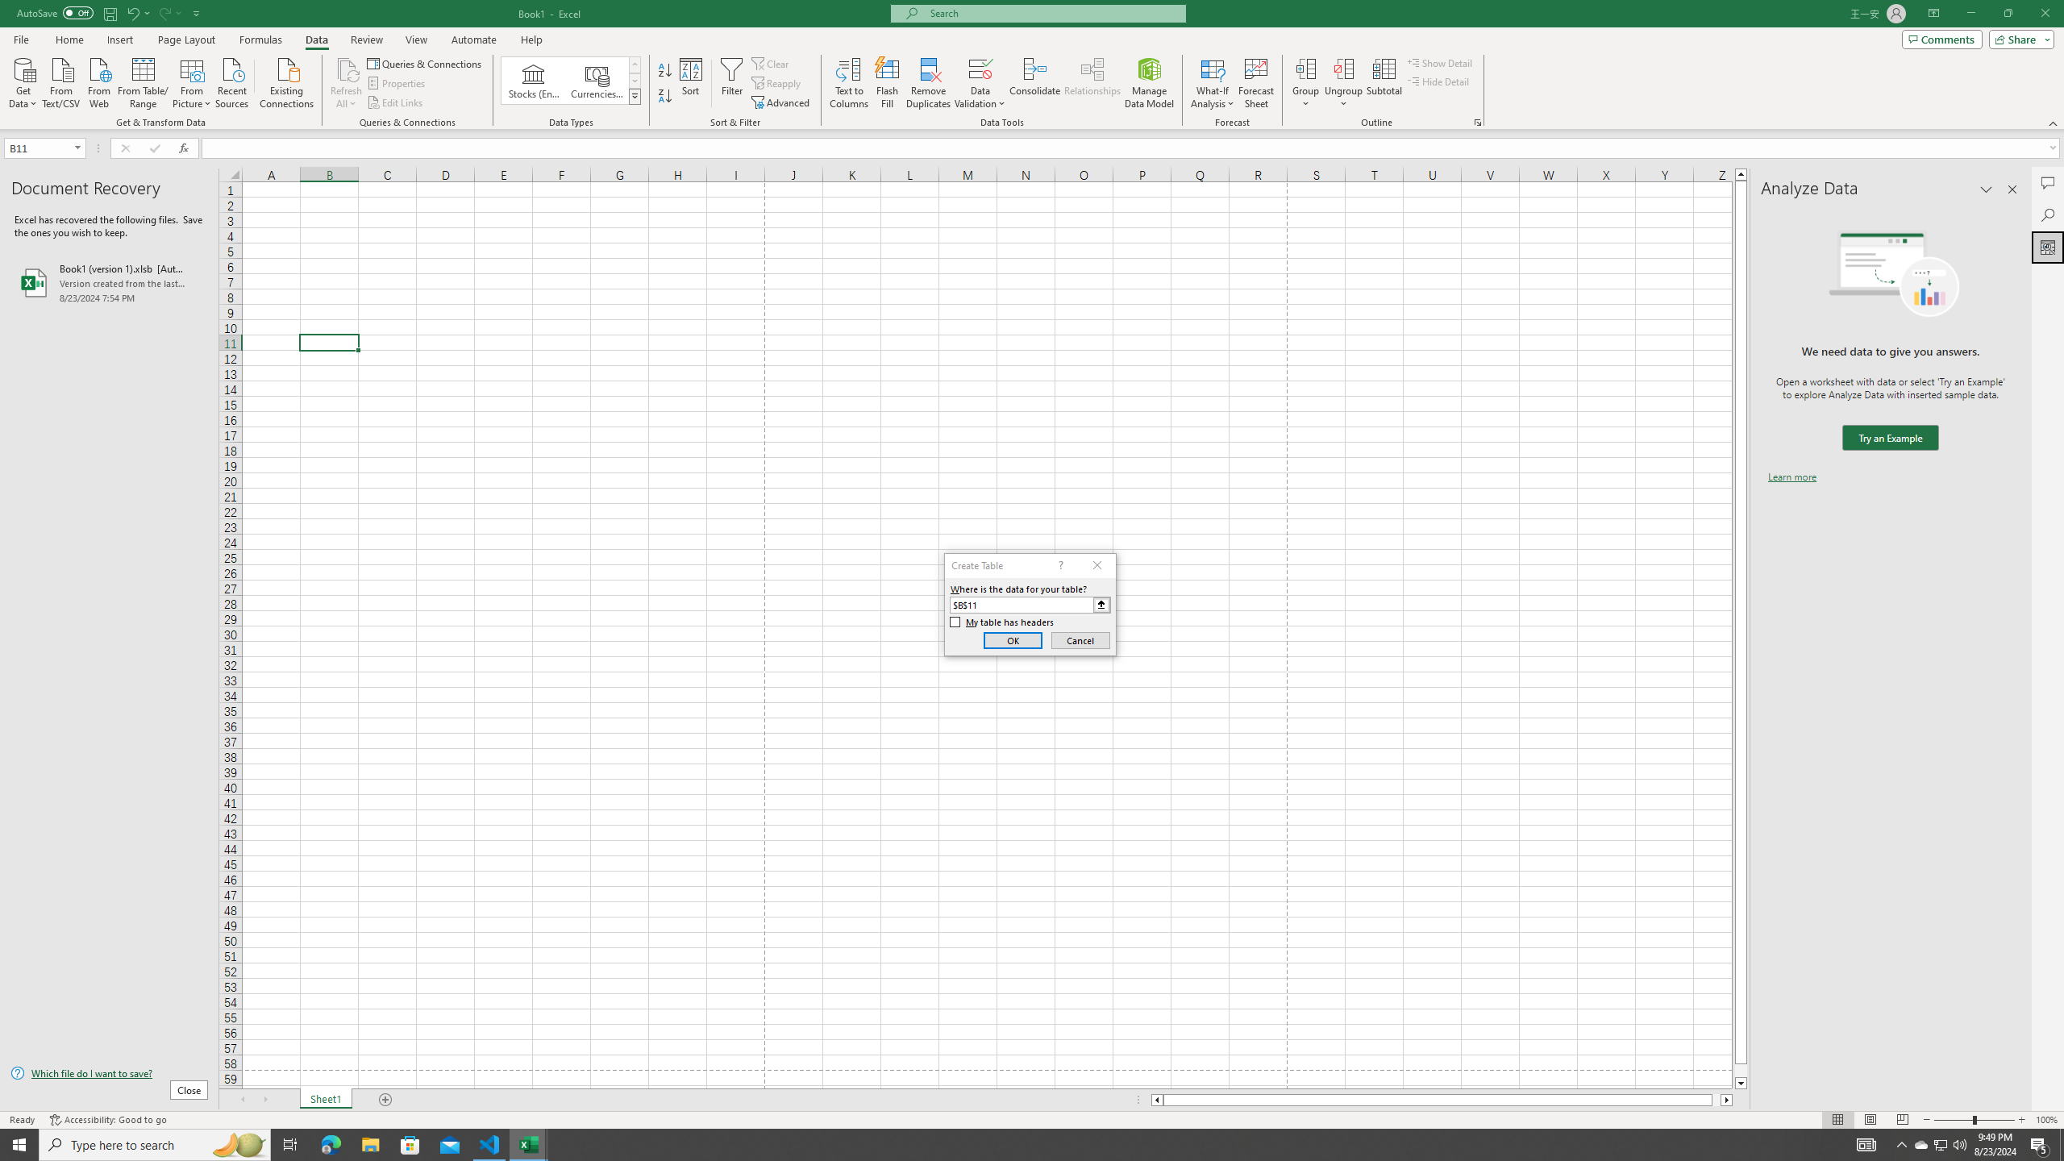  I want to click on 'Row Down', so click(635, 80).